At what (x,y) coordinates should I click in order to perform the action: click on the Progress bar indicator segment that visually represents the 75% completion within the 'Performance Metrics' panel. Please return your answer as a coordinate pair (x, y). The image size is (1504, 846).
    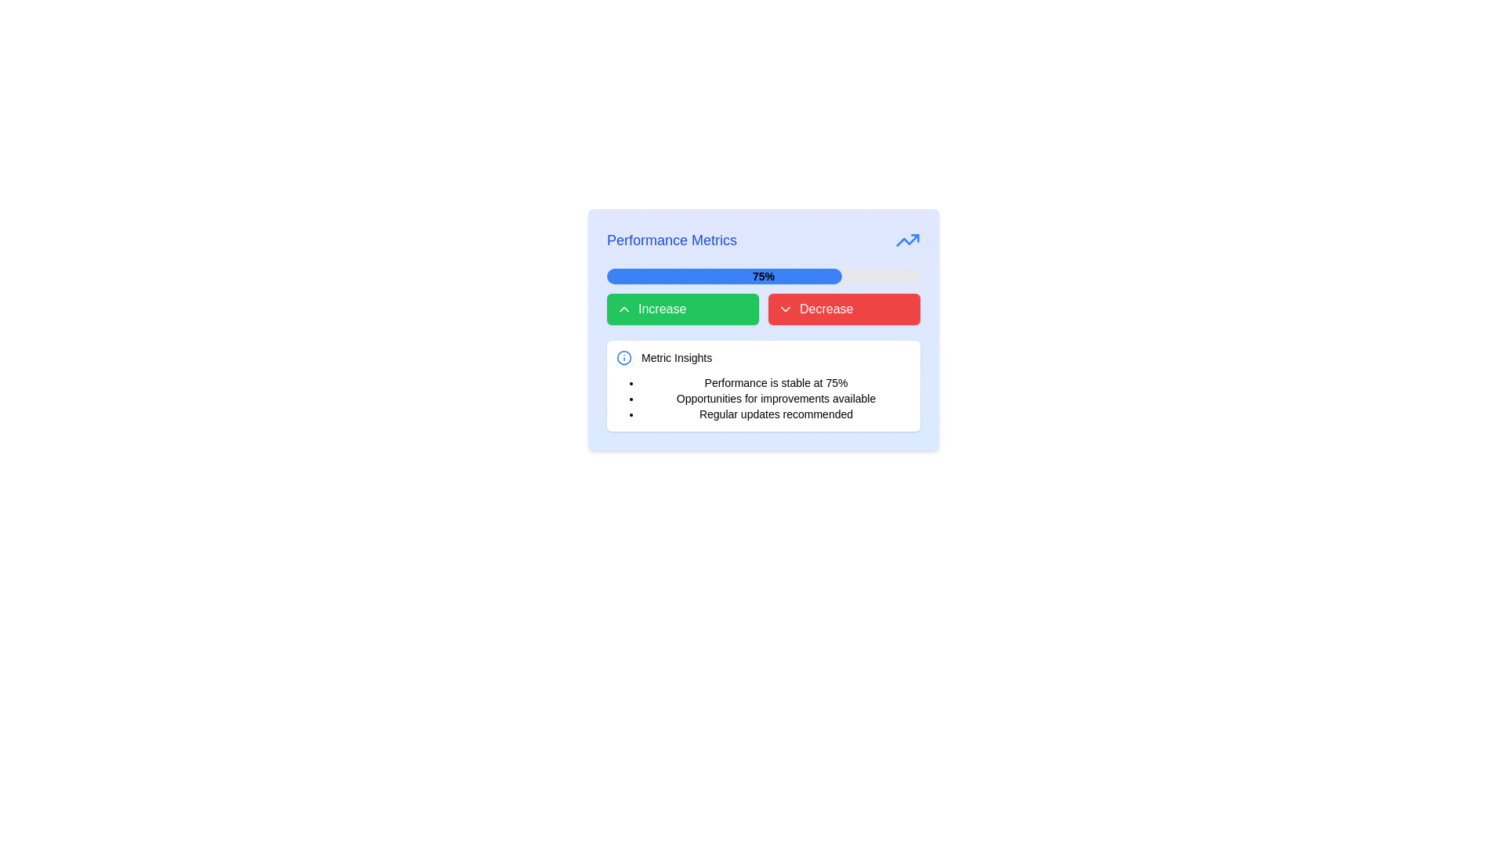
    Looking at the image, I should click on (724, 276).